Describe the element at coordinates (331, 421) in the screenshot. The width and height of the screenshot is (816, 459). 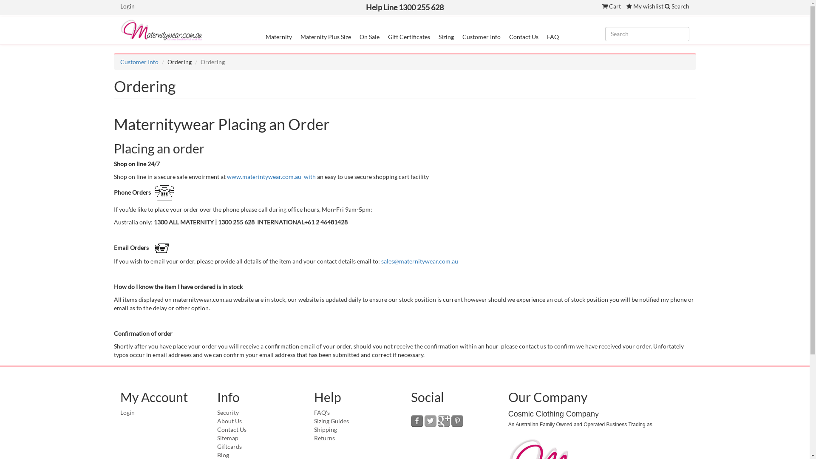
I see `'Sizing Guides'` at that location.